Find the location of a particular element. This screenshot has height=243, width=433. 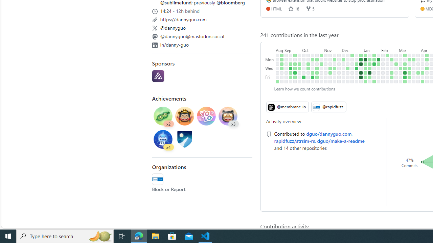

'No contributions on March 11th.' is located at coordinates (405, 59).